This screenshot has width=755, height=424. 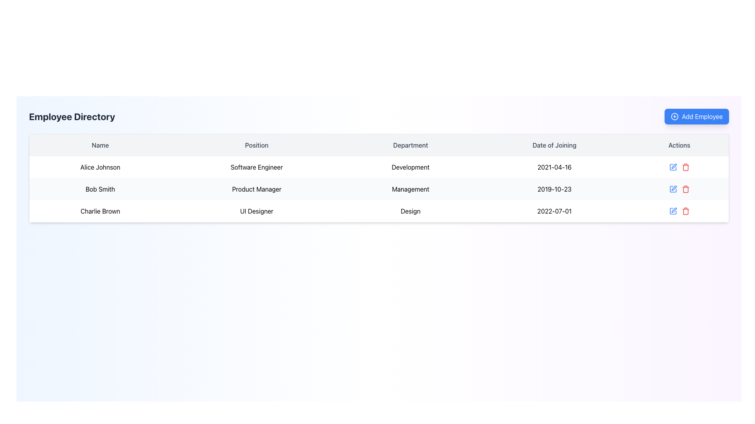 I want to click on the action area within the table row for employee 'Bob Smith' in the 'Actions' column, located at the coordinates provided, so click(x=679, y=189).